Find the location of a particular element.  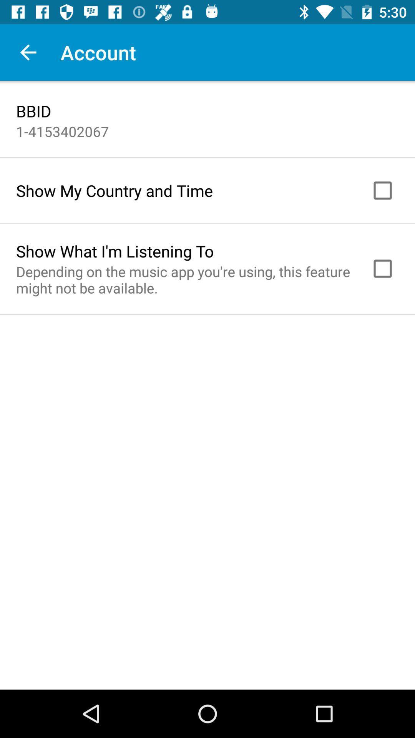

the item next to the account item is located at coordinates (28, 52).